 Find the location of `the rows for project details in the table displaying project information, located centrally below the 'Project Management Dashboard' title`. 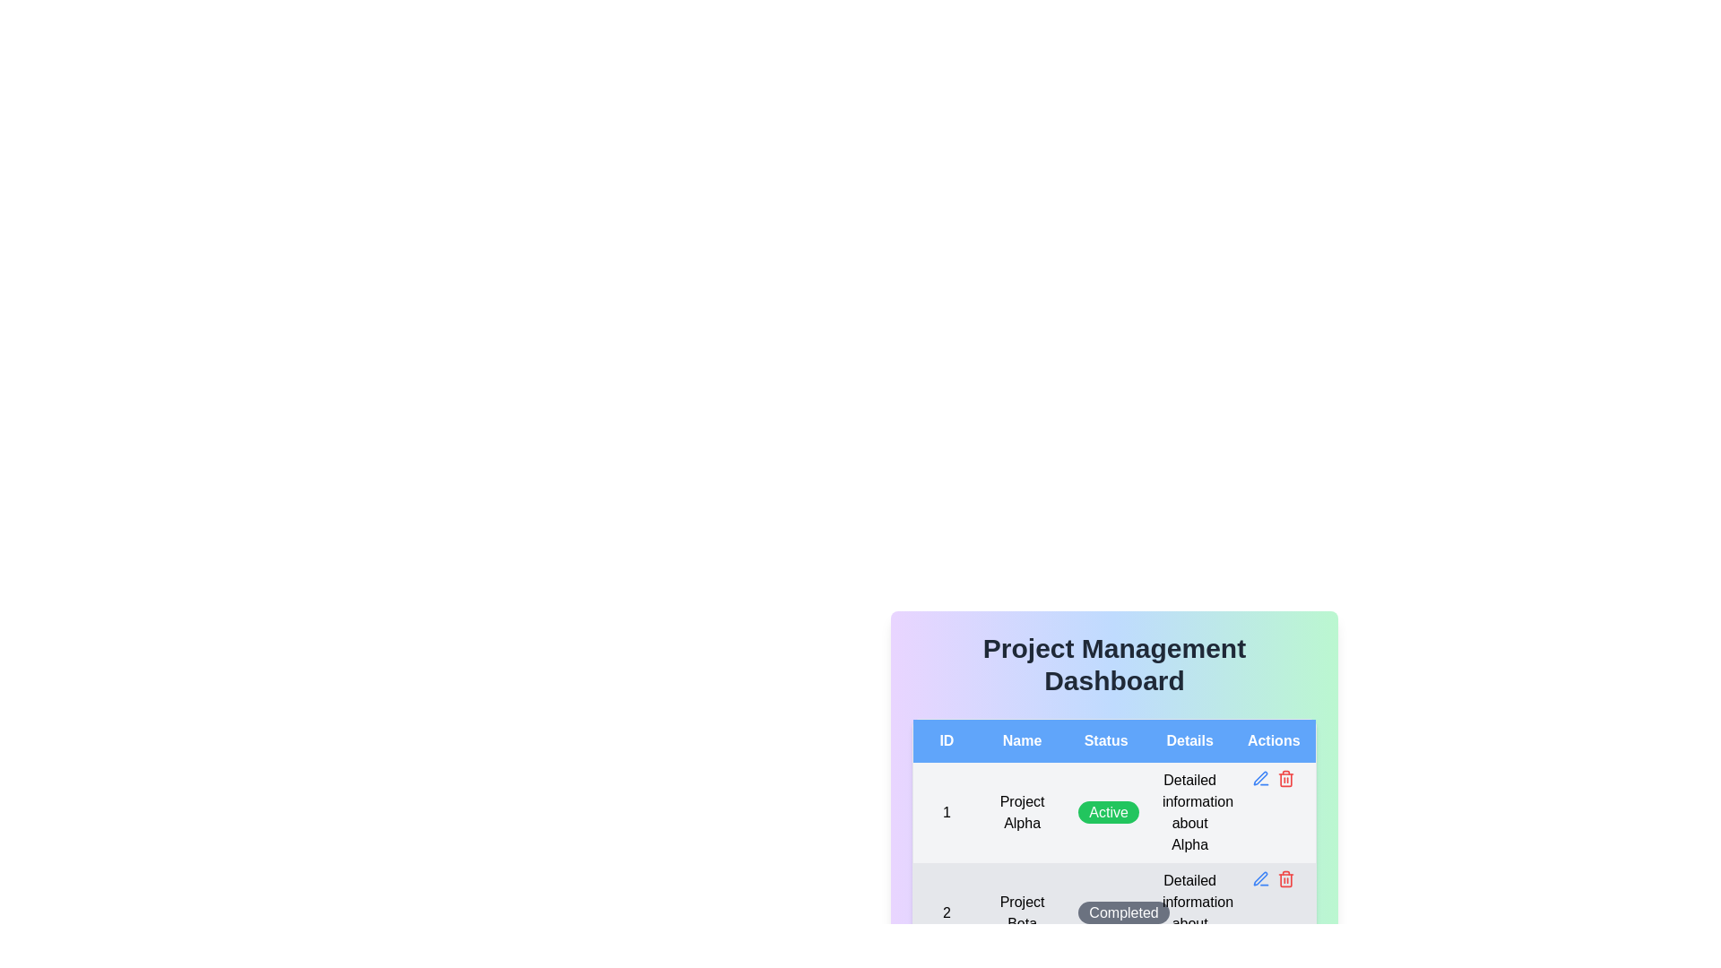

the rows for project details in the table displaying project information, located centrally below the 'Project Management Dashboard' title is located at coordinates (1113, 841).